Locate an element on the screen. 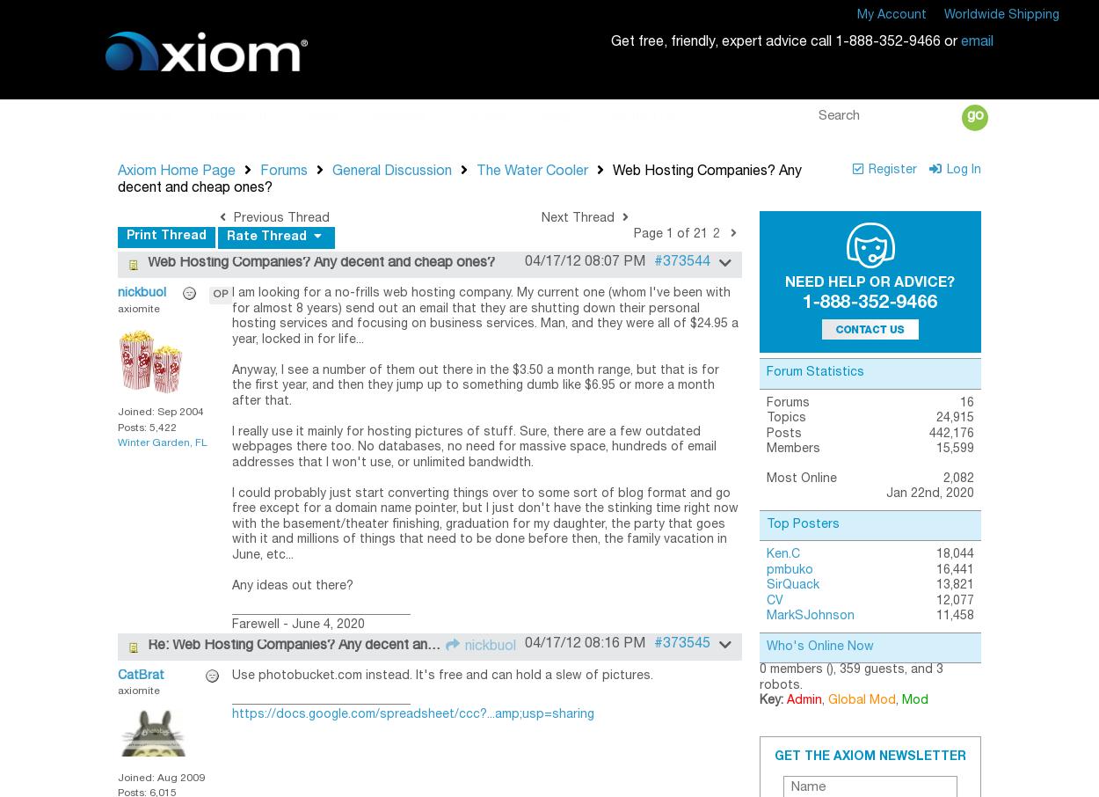  'Topics' is located at coordinates (785, 418).